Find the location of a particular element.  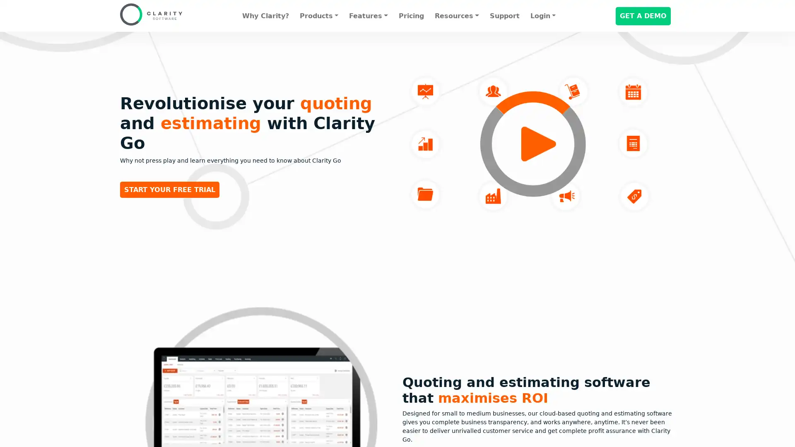

Features is located at coordinates (368, 16).